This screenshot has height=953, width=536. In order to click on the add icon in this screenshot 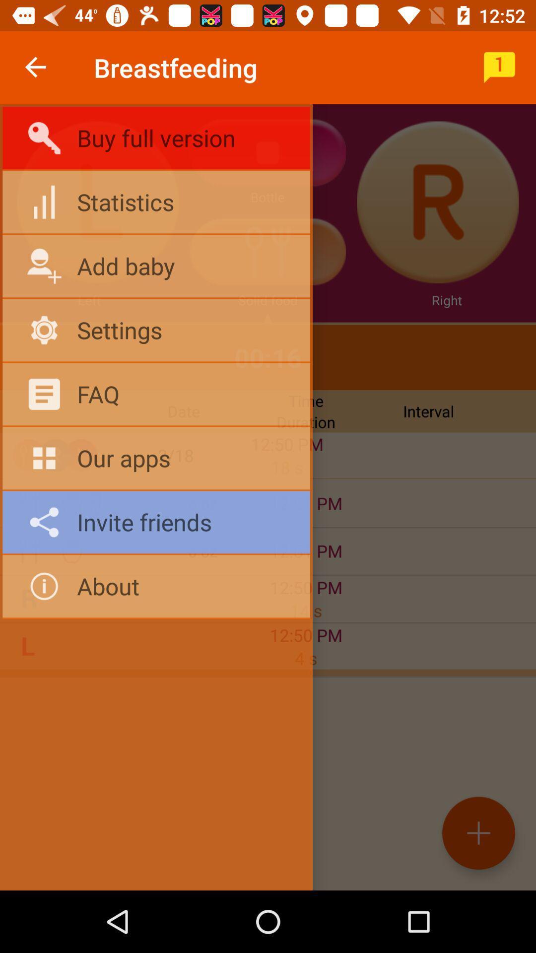, I will do `click(478, 833)`.